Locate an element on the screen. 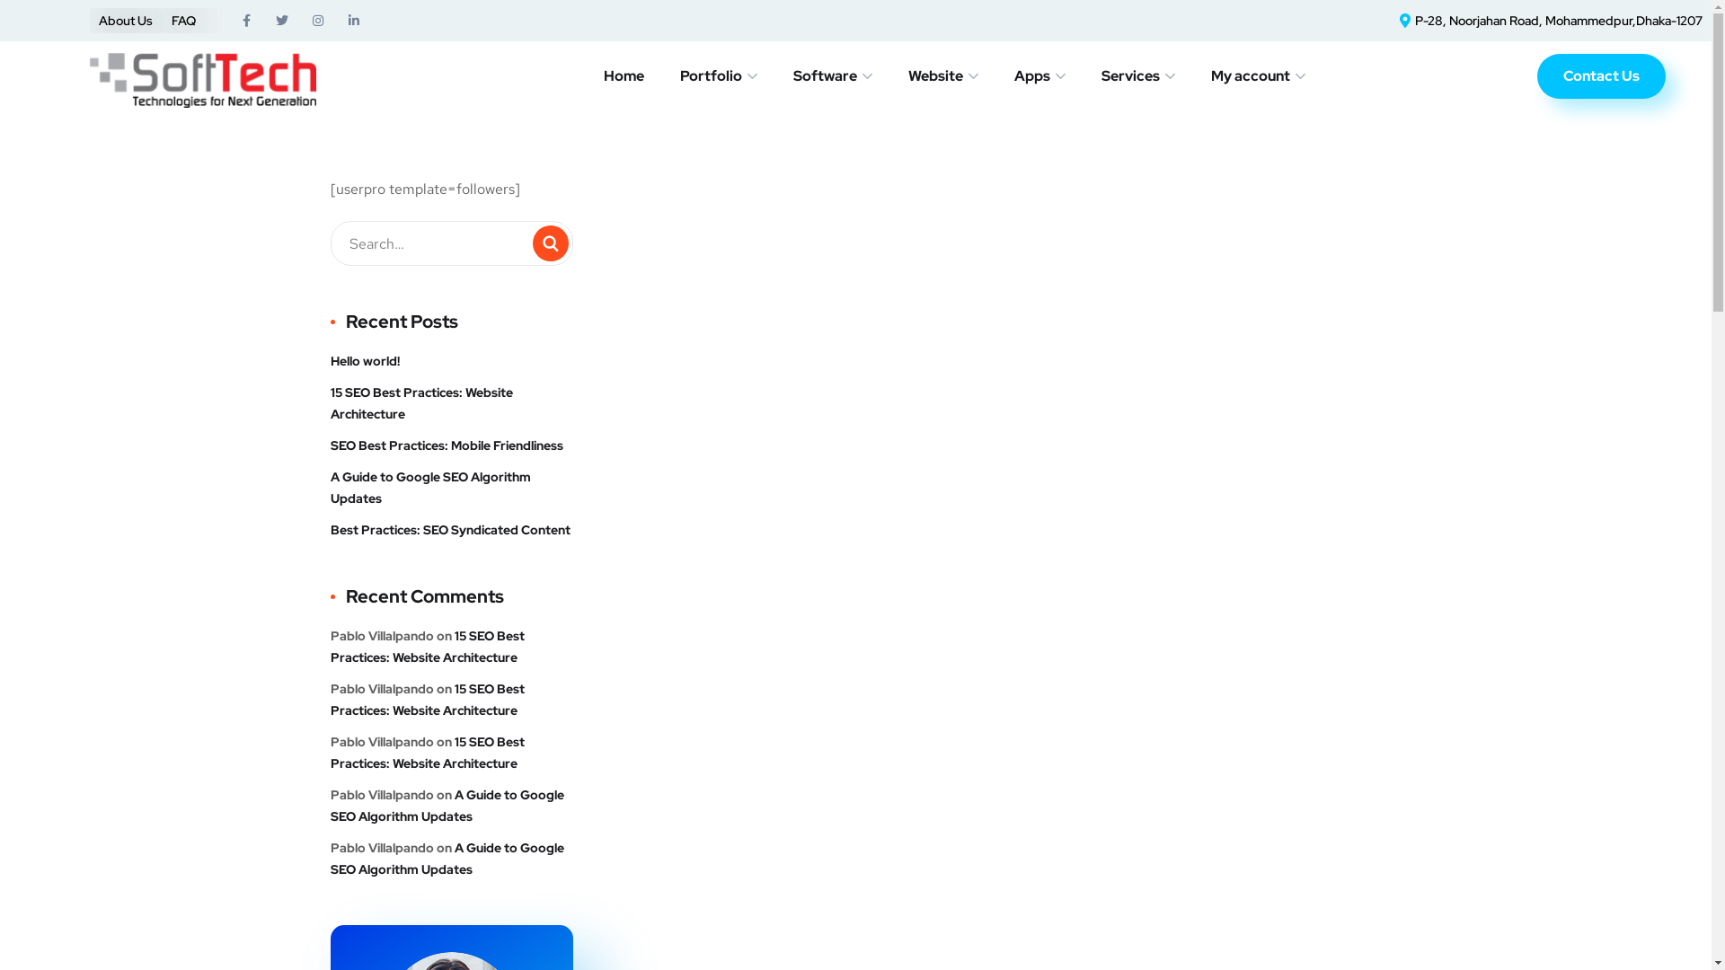 Image resolution: width=1725 pixels, height=970 pixels. 'Contact Us' is located at coordinates (1535, 75).